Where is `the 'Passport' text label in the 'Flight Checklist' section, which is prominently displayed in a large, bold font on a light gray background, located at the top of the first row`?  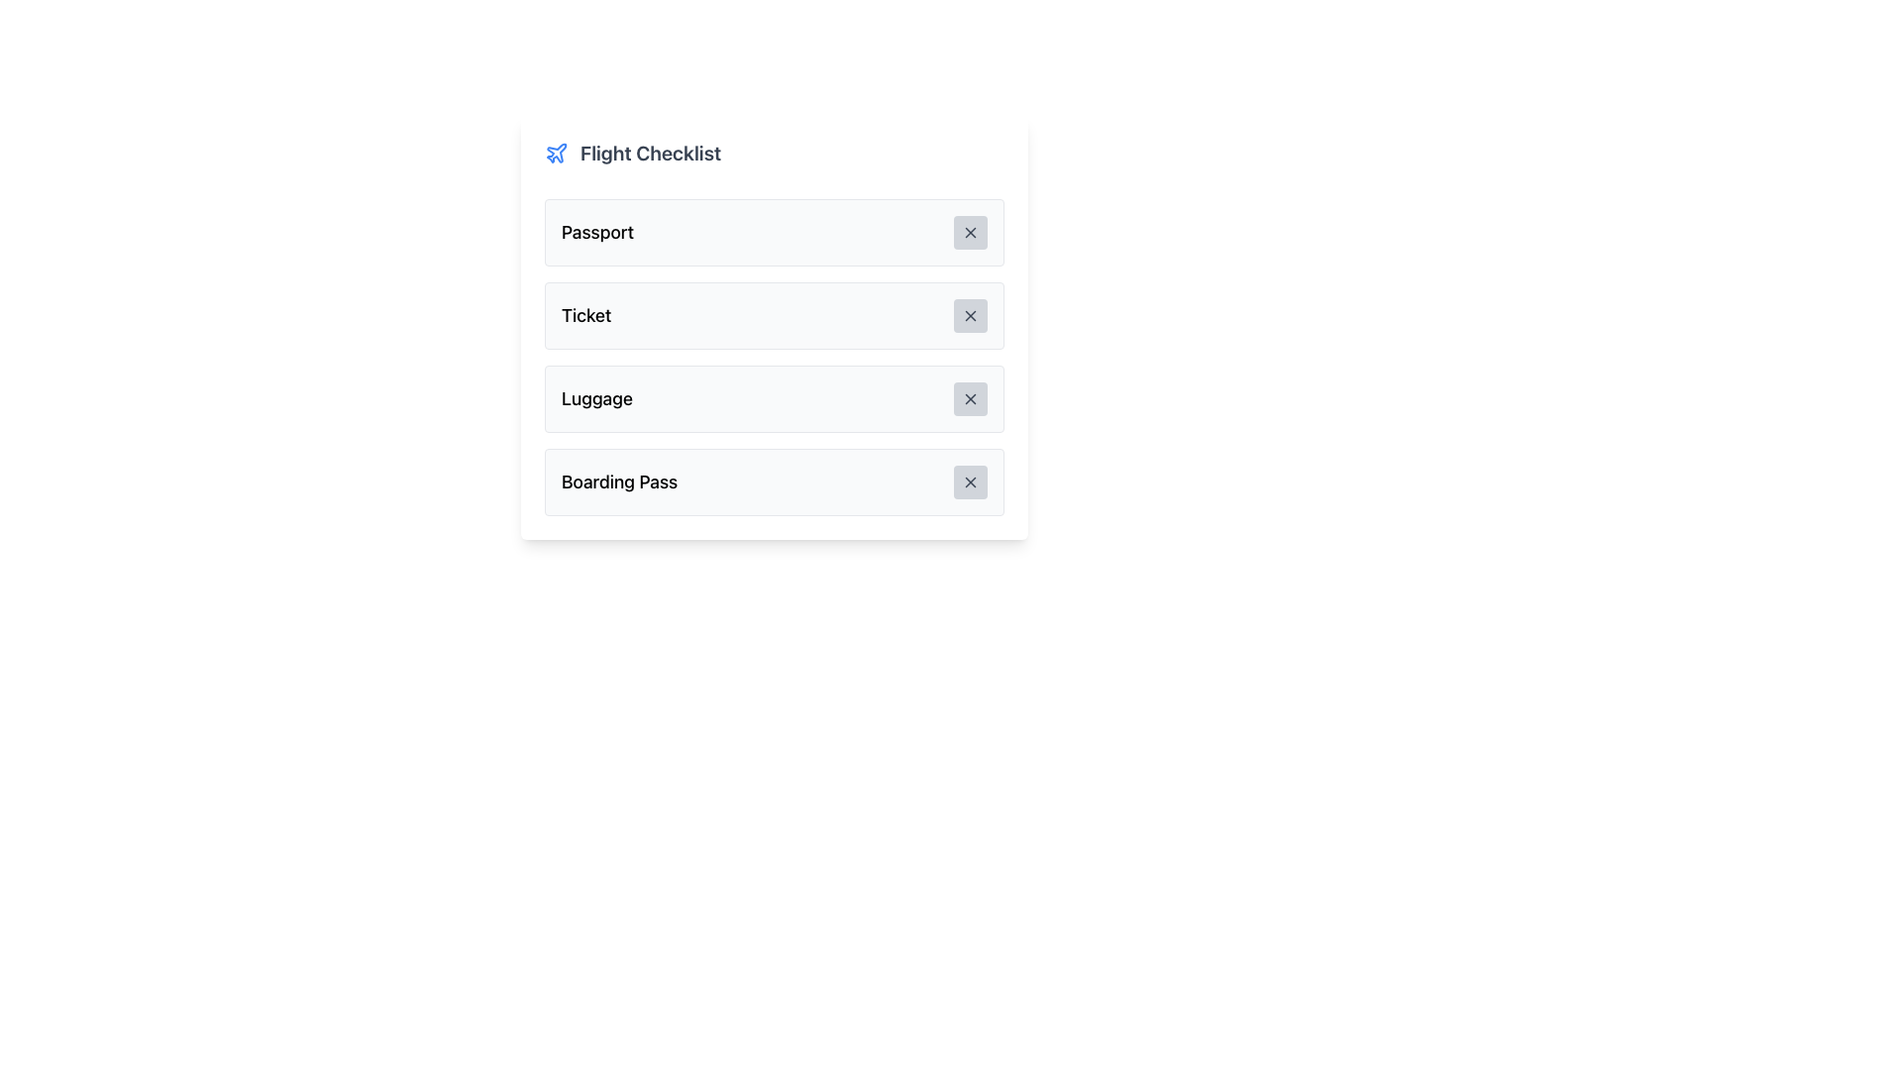
the 'Passport' text label in the 'Flight Checklist' section, which is prominently displayed in a large, bold font on a light gray background, located at the top of the first row is located at coordinates (596, 232).